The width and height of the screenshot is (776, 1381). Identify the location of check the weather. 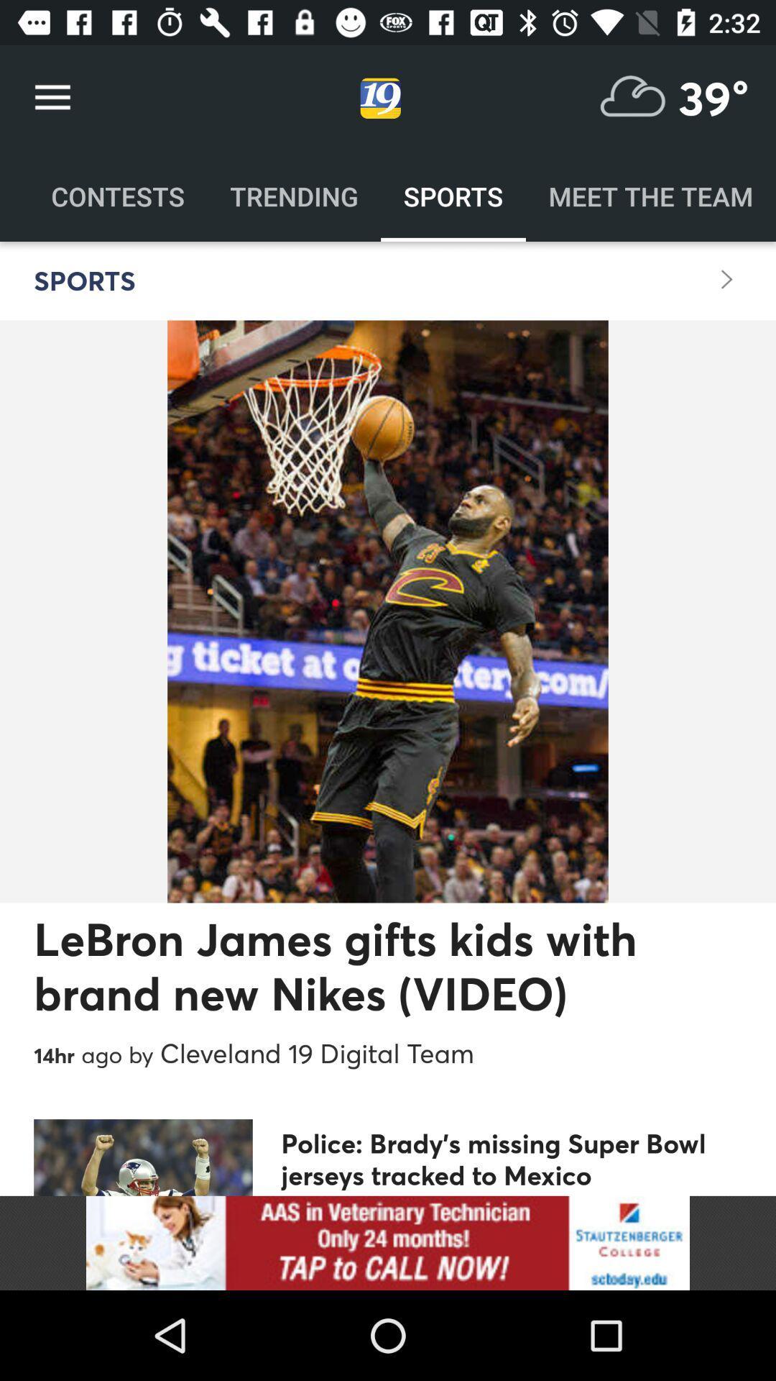
(632, 97).